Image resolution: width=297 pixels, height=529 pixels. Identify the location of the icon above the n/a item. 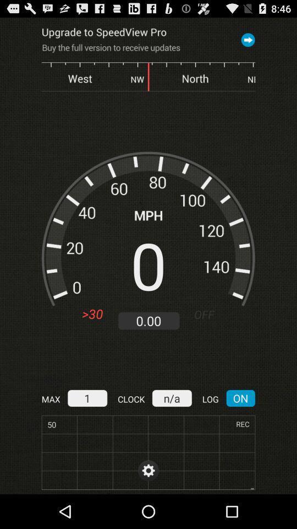
(208, 314).